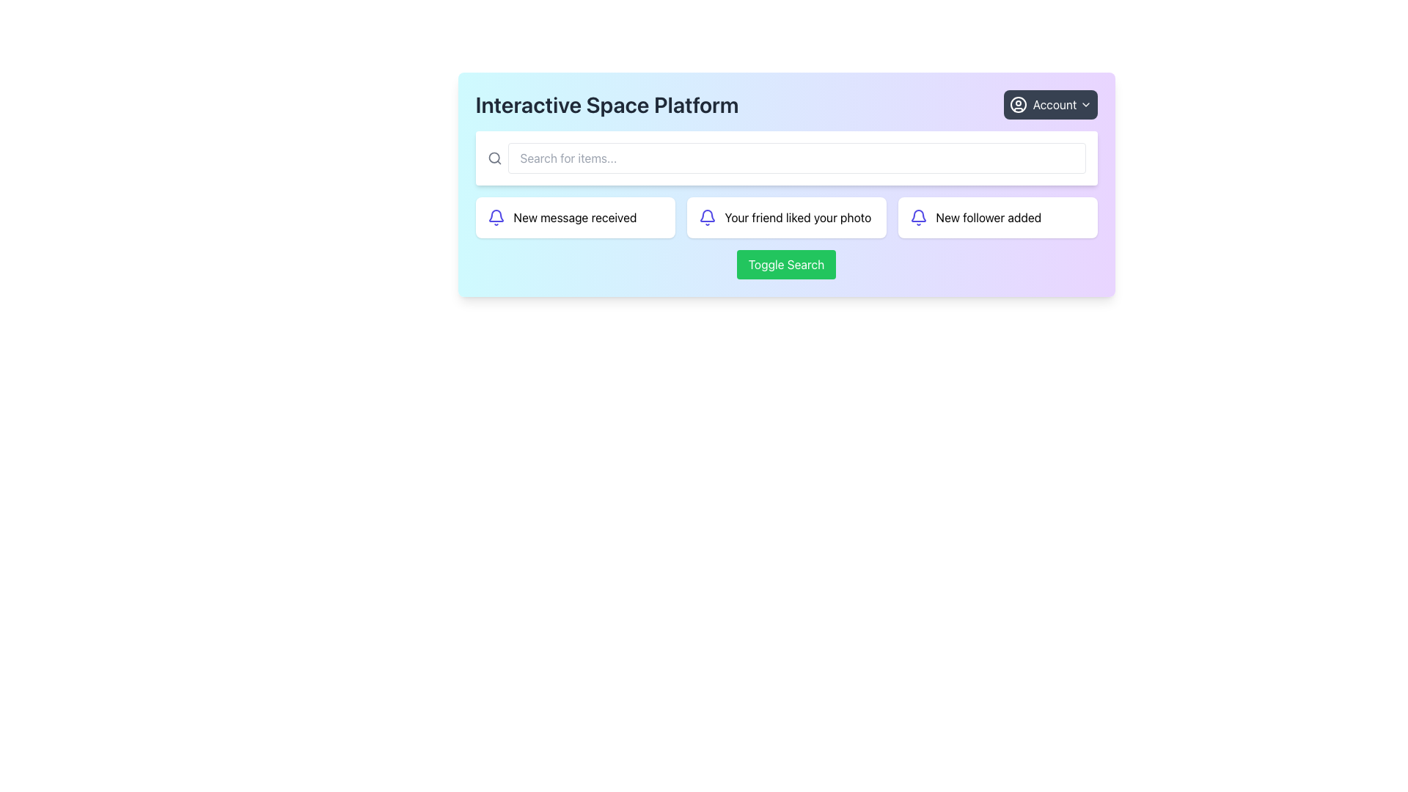  Describe the element at coordinates (1017, 103) in the screenshot. I see `the circular profile picture placeholder icon located within the 'Account' button in the top-right corner of the interface` at that location.